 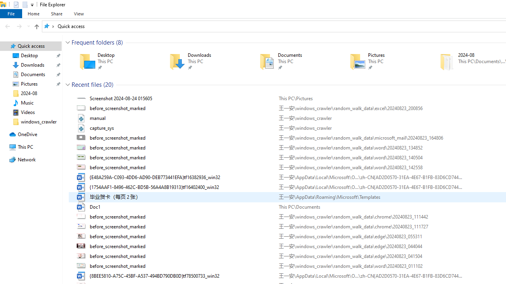 I want to click on 'Pictures', so click(x=383, y=61).